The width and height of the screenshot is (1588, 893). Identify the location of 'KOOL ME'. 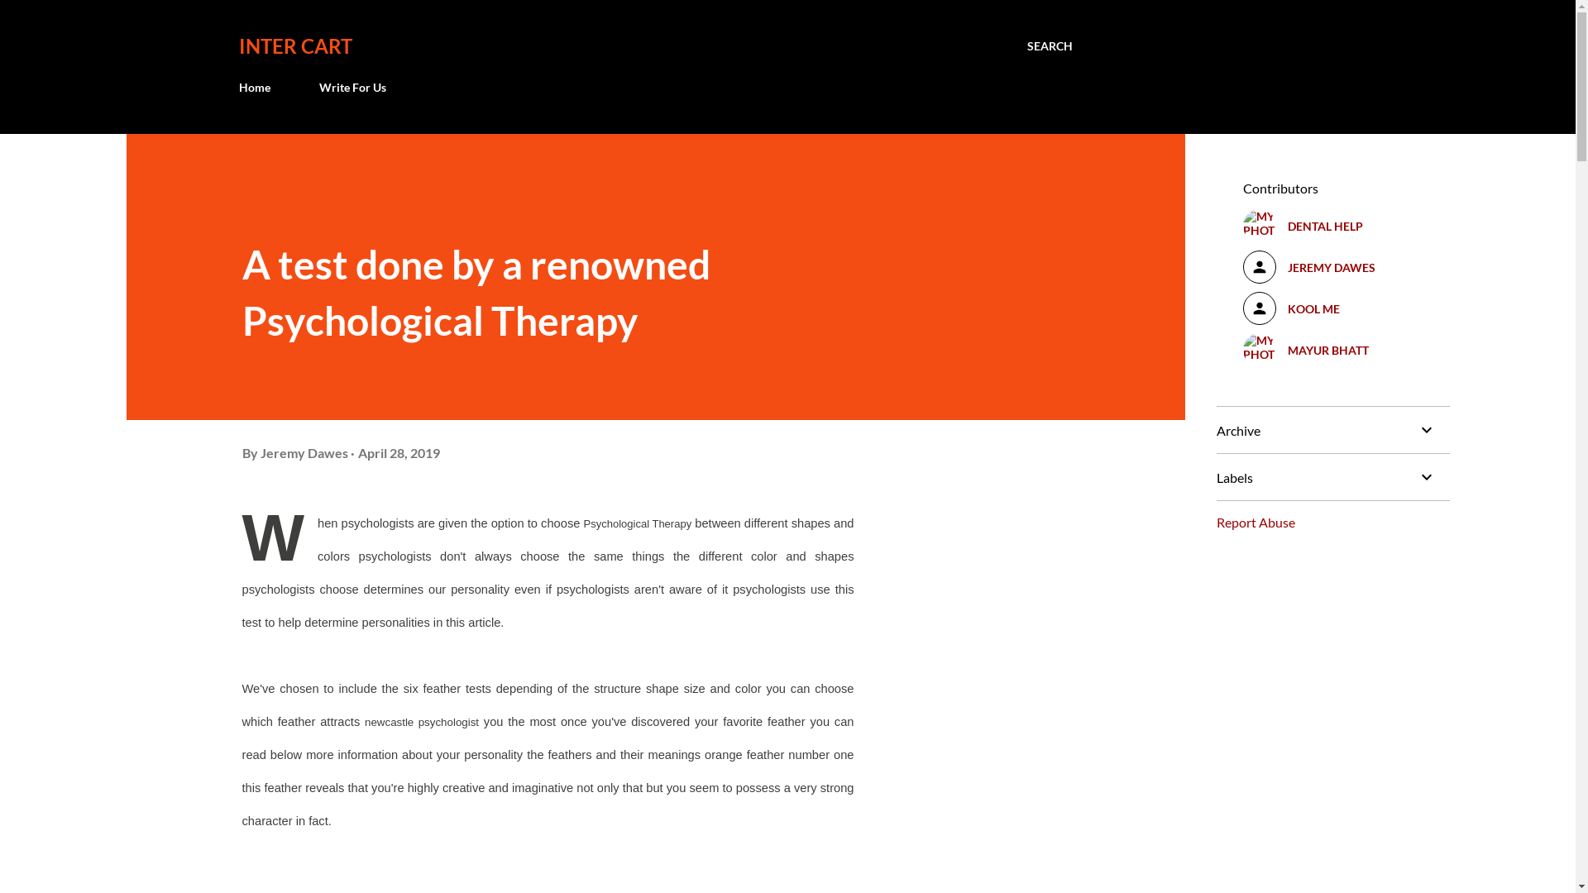
(1332, 308).